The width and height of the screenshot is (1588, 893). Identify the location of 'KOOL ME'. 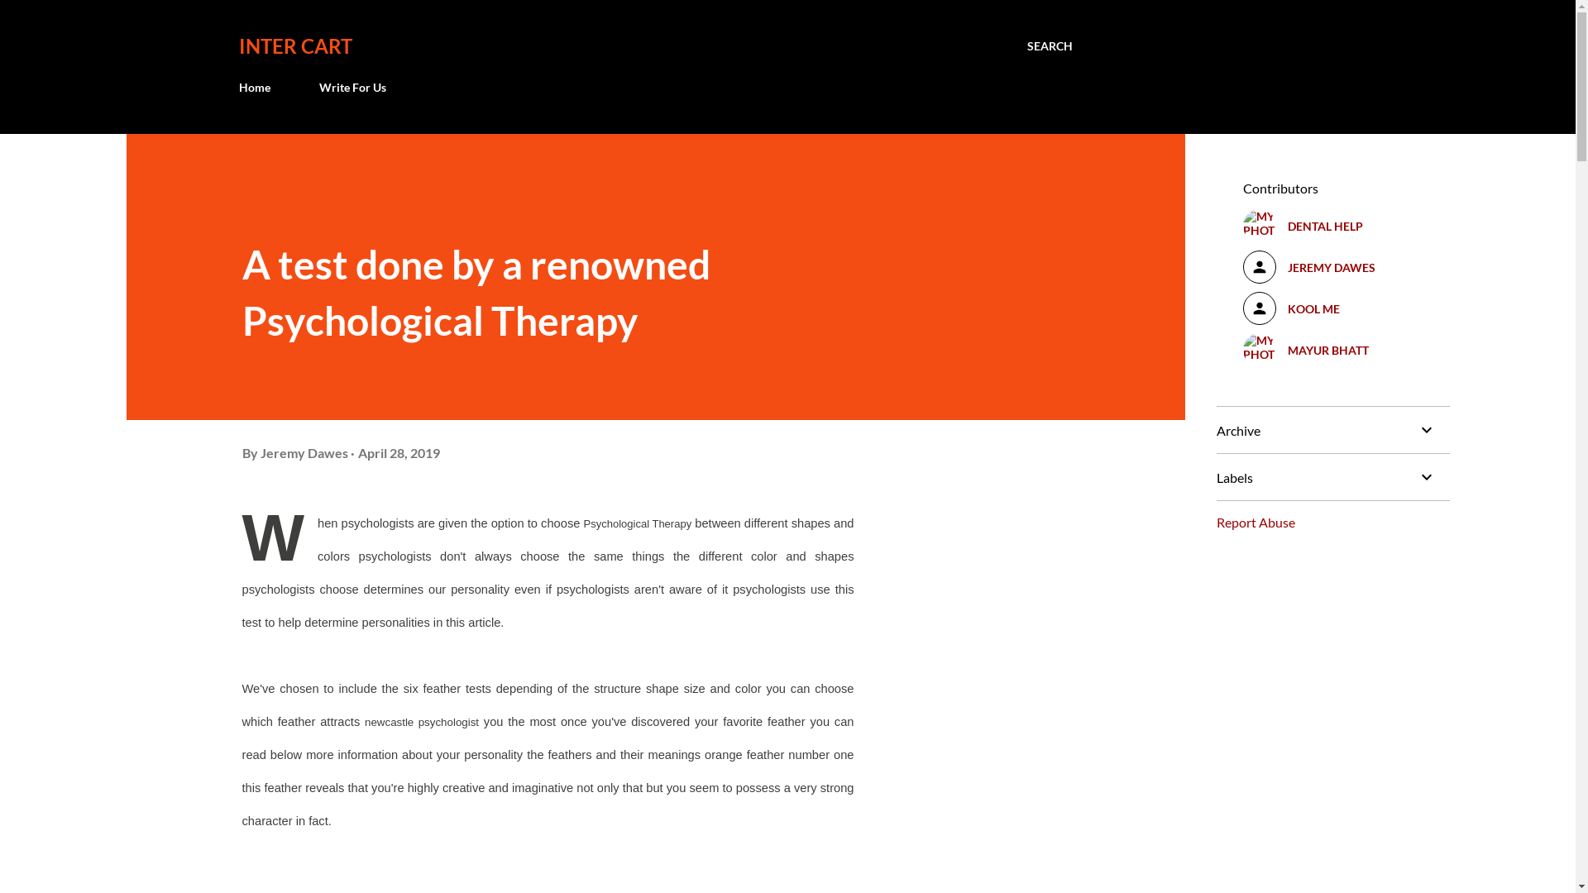
(1332, 308).